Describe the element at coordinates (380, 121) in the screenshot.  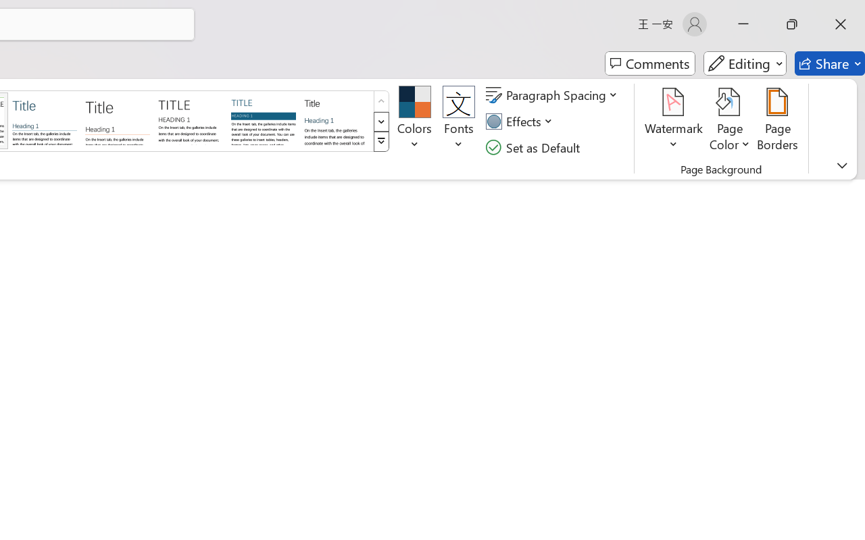
I see `'Row Down'` at that location.